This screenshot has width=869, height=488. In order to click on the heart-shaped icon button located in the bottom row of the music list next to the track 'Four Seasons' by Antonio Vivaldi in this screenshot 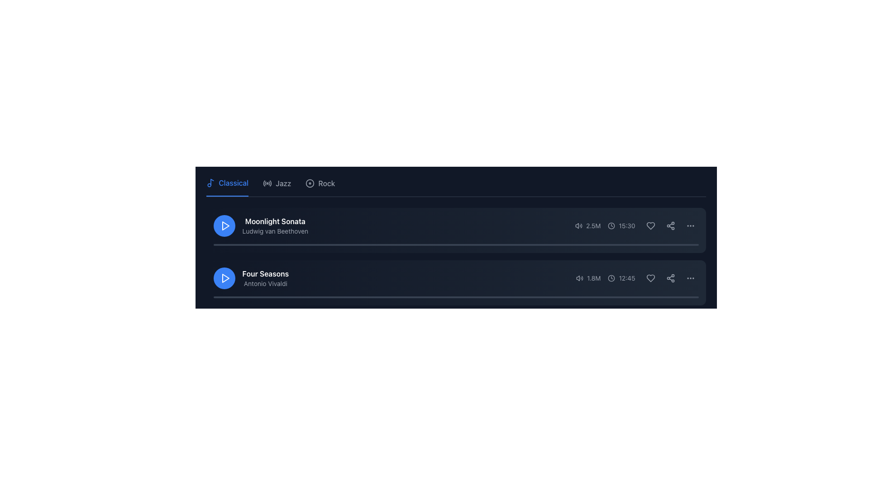, I will do `click(650, 278)`.